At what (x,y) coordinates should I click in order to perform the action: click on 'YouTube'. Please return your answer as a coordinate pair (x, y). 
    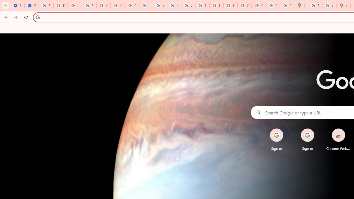
    Looking at the image, I should click on (160, 6).